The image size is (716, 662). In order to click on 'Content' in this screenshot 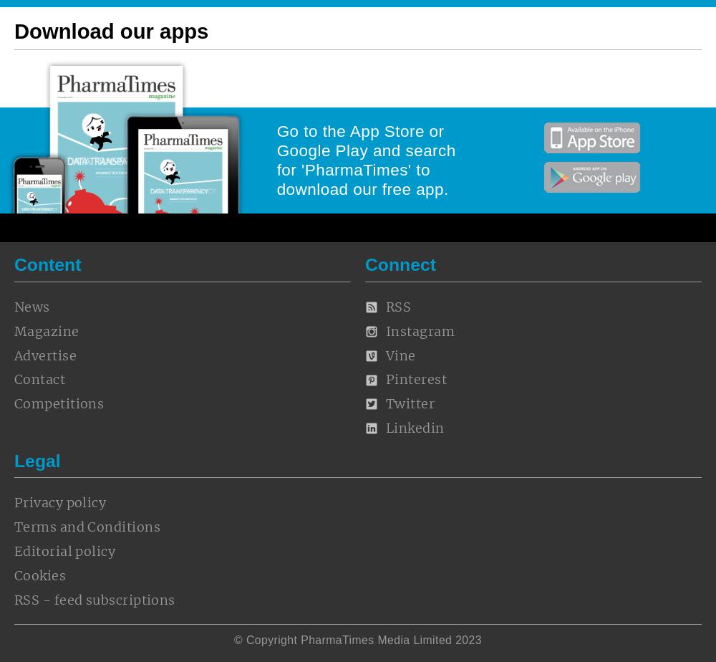, I will do `click(47, 264)`.